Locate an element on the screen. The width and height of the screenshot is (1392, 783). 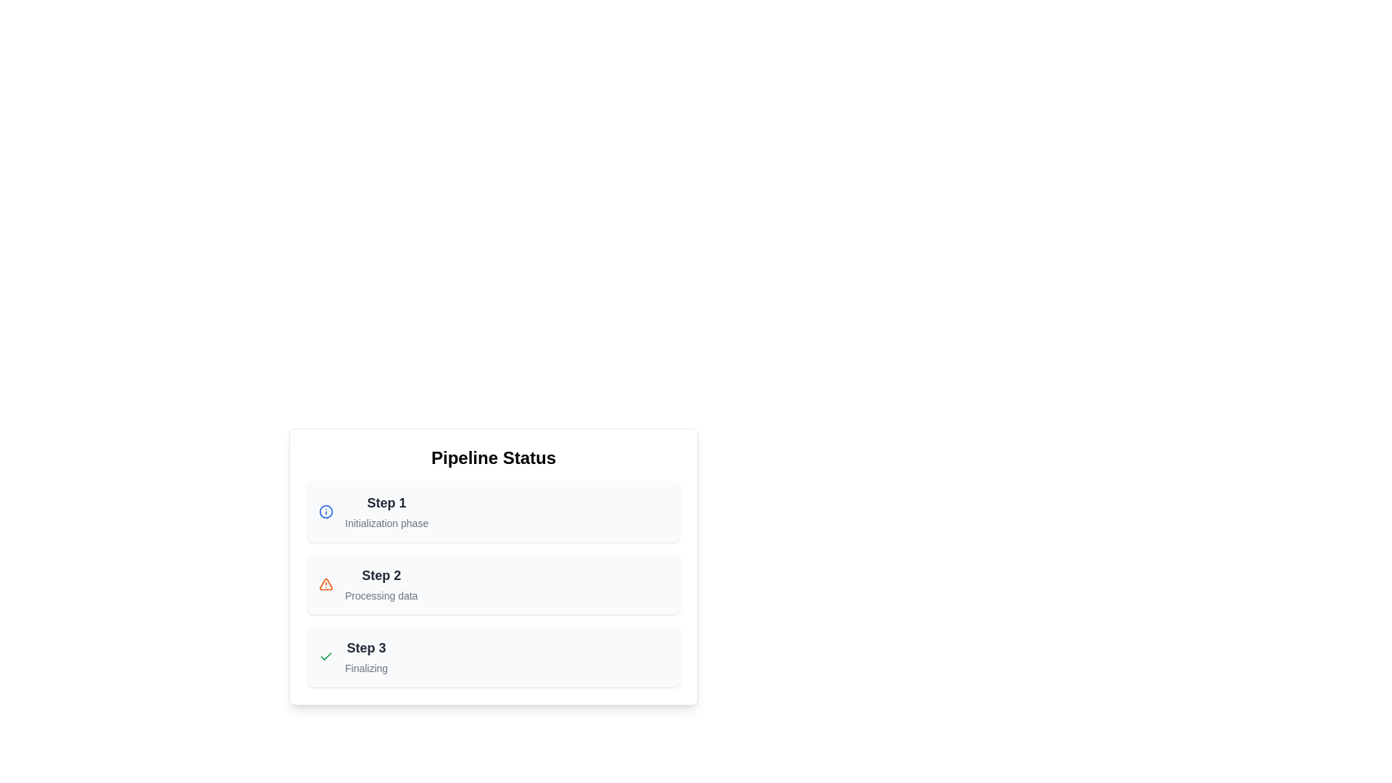
the informational block labeled 'Step 2' which has a light gray background and rounded edges is located at coordinates (494, 584).